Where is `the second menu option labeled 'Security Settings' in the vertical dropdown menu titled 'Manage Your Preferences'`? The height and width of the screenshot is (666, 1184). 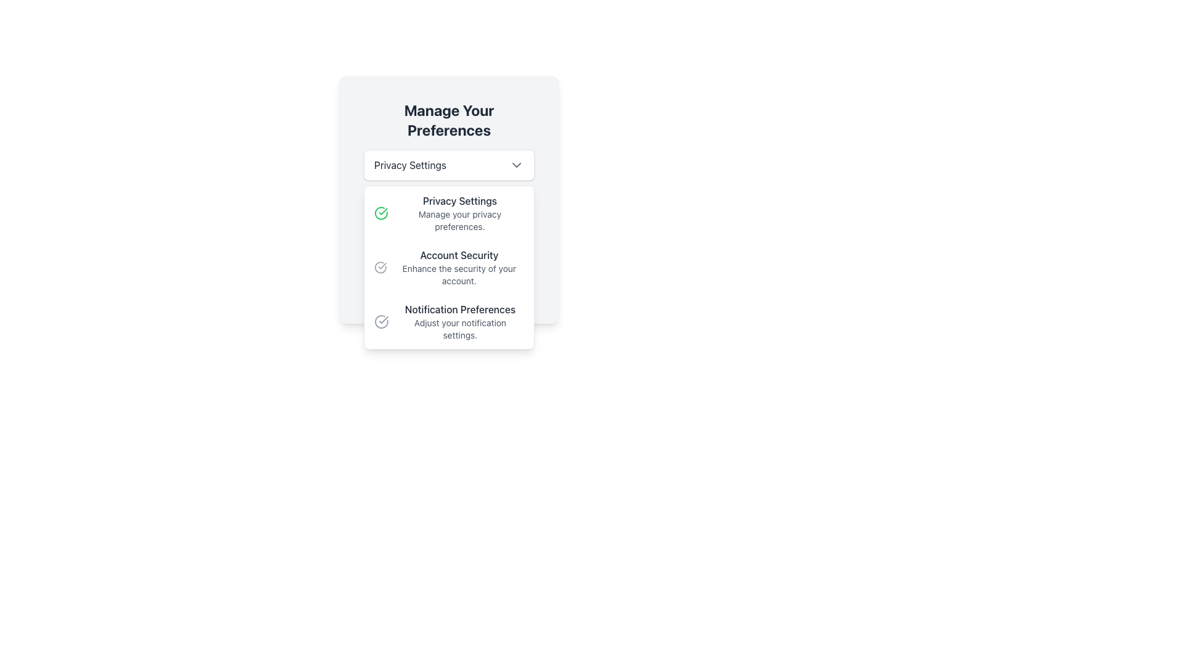
the second menu option labeled 'Security Settings' in the vertical dropdown menu titled 'Manage Your Preferences' is located at coordinates (448, 267).